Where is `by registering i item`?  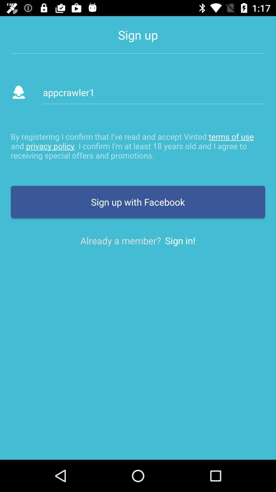
by registering i item is located at coordinates (138, 146).